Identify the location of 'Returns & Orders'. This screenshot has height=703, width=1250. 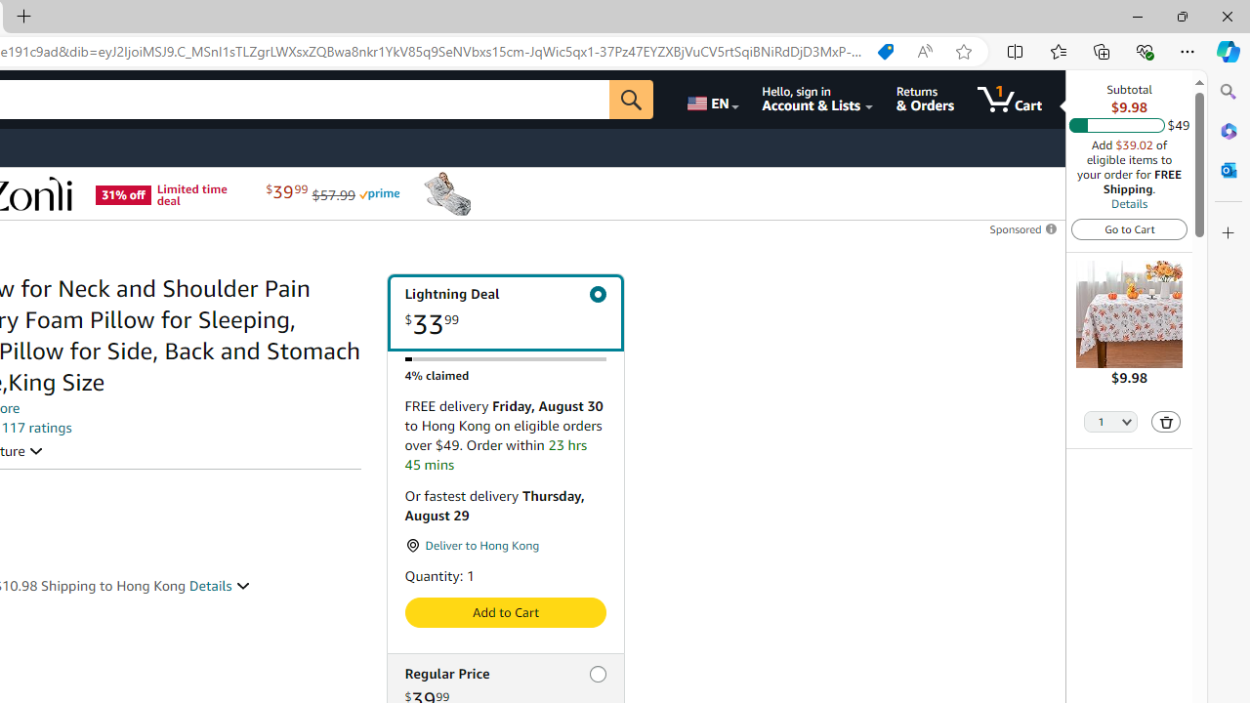
(924, 99).